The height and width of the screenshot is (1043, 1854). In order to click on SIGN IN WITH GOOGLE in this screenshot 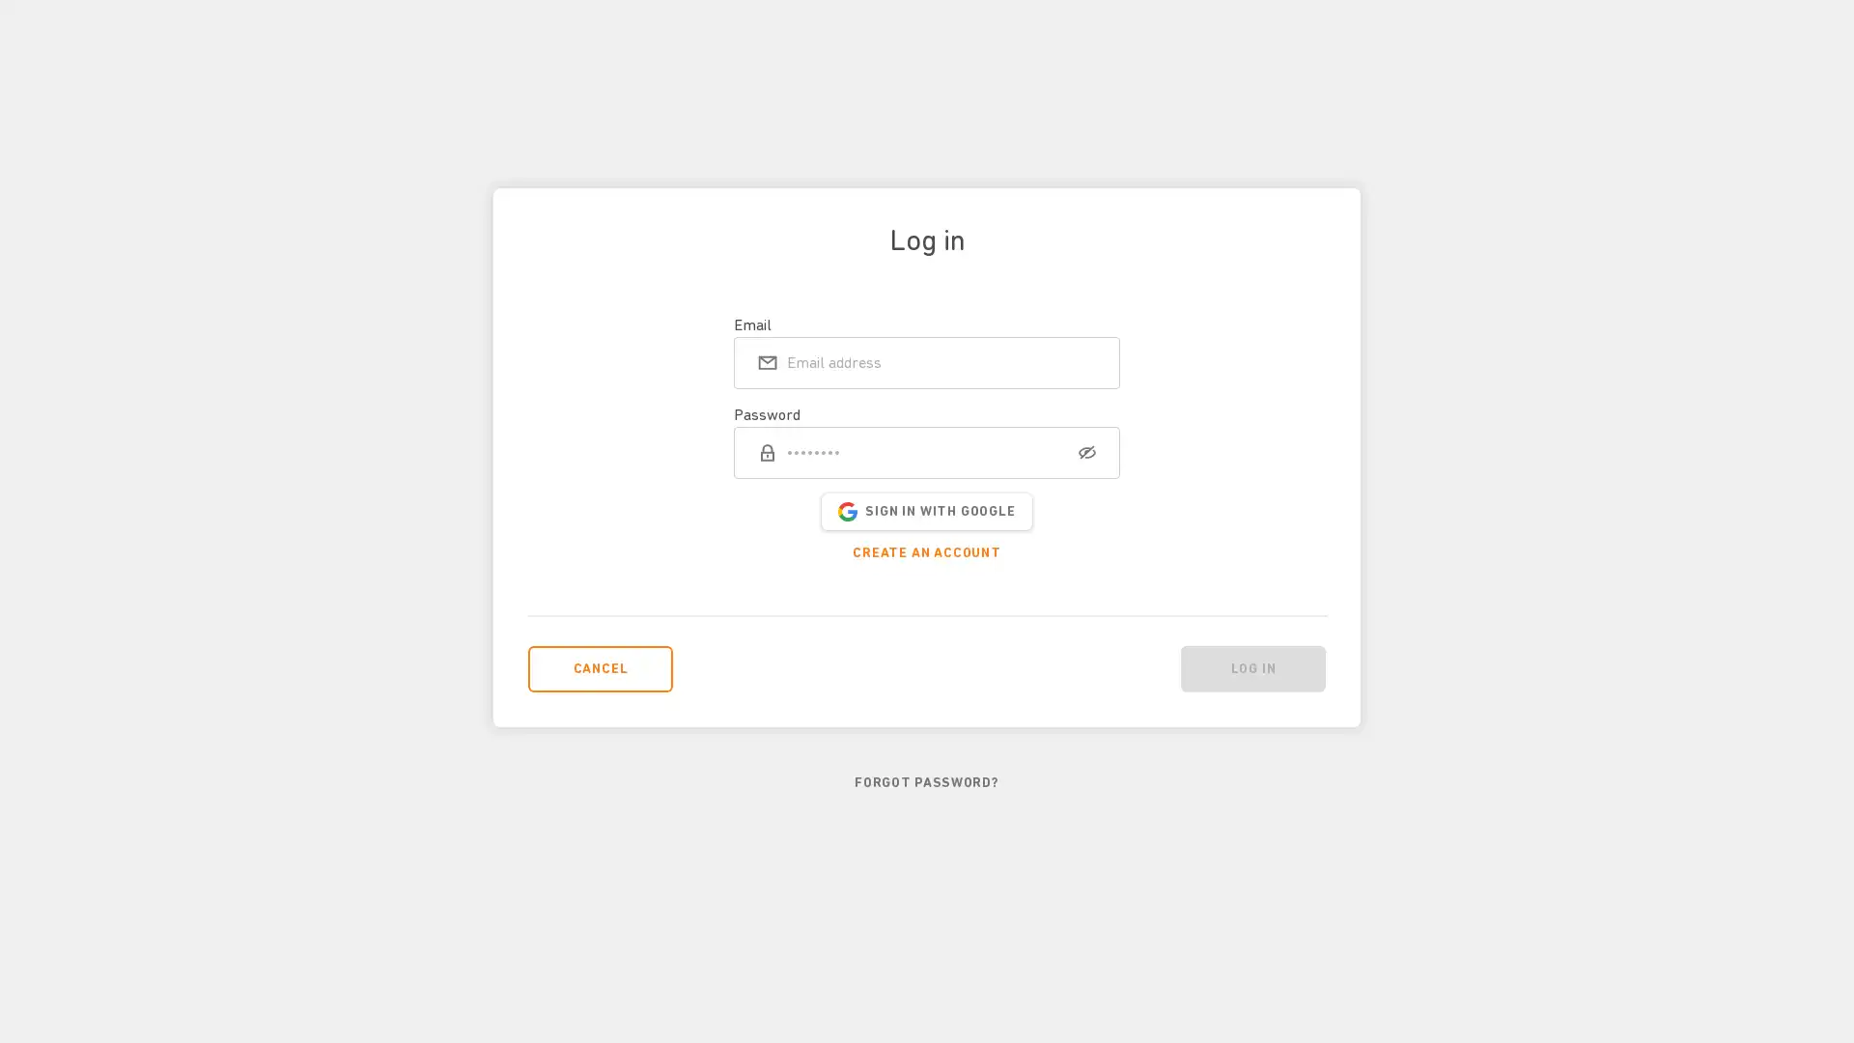, I will do `click(925, 509)`.